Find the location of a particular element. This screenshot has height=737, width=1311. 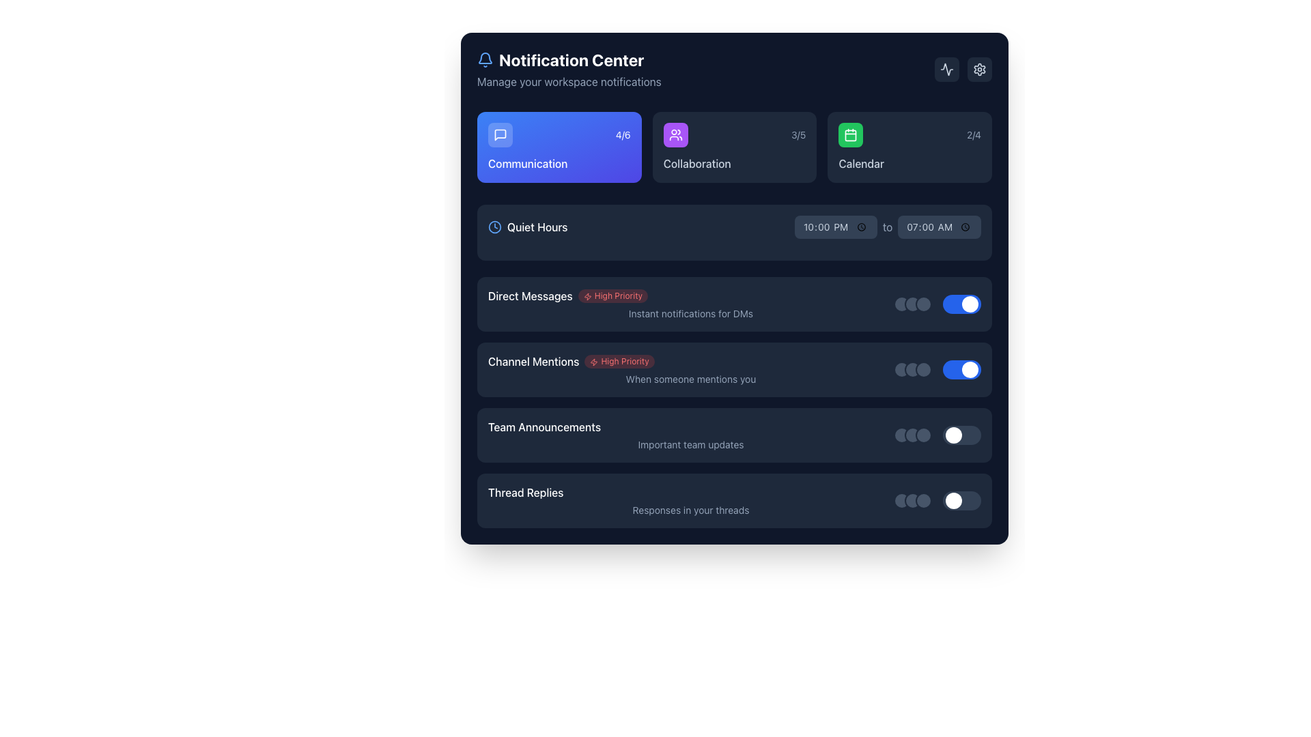

the static text label indicating 'Thread Replies', which is positioned beneath the 'Team Announcements' option in the notification preference settings is located at coordinates (525, 492).